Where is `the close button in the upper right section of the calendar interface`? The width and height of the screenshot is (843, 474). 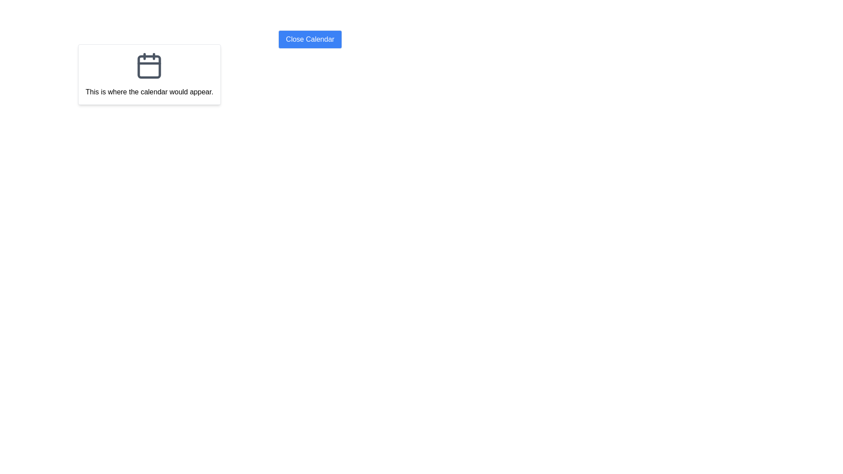
the close button in the upper right section of the calendar interface is located at coordinates (310, 39).